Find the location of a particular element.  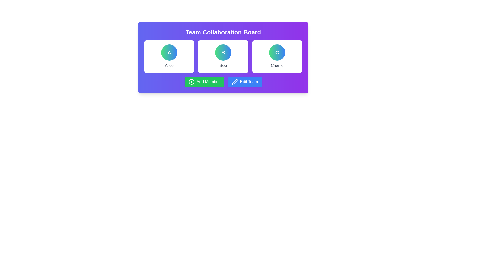

the profile card icon featuring a circular gradient icon with a bold white 'B' and the label 'Bob' beneath it, which is the middle element in a row of three profile cards is located at coordinates (223, 56).